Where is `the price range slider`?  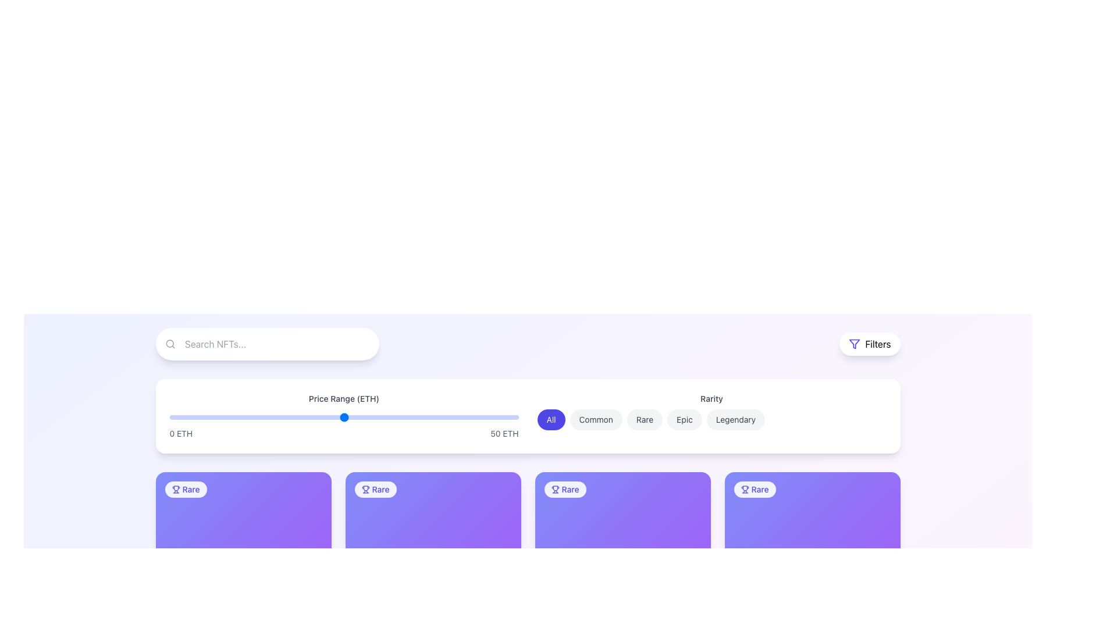
the price range slider is located at coordinates (483, 416).